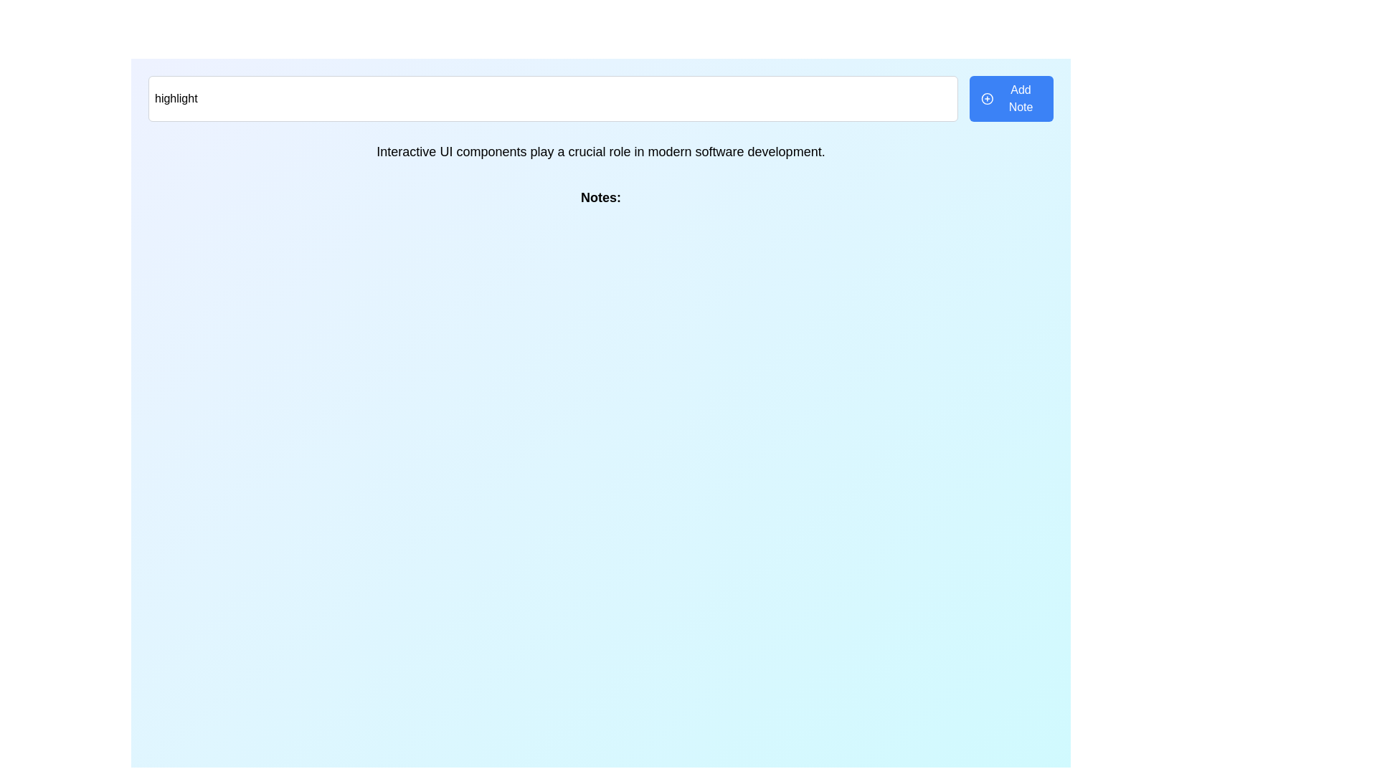  What do you see at coordinates (987, 98) in the screenshot?
I see `the circular plus sign icon enclosed within a ring, which is part of the 'Add Note' button located in the upper-right corner of the interface` at bounding box center [987, 98].